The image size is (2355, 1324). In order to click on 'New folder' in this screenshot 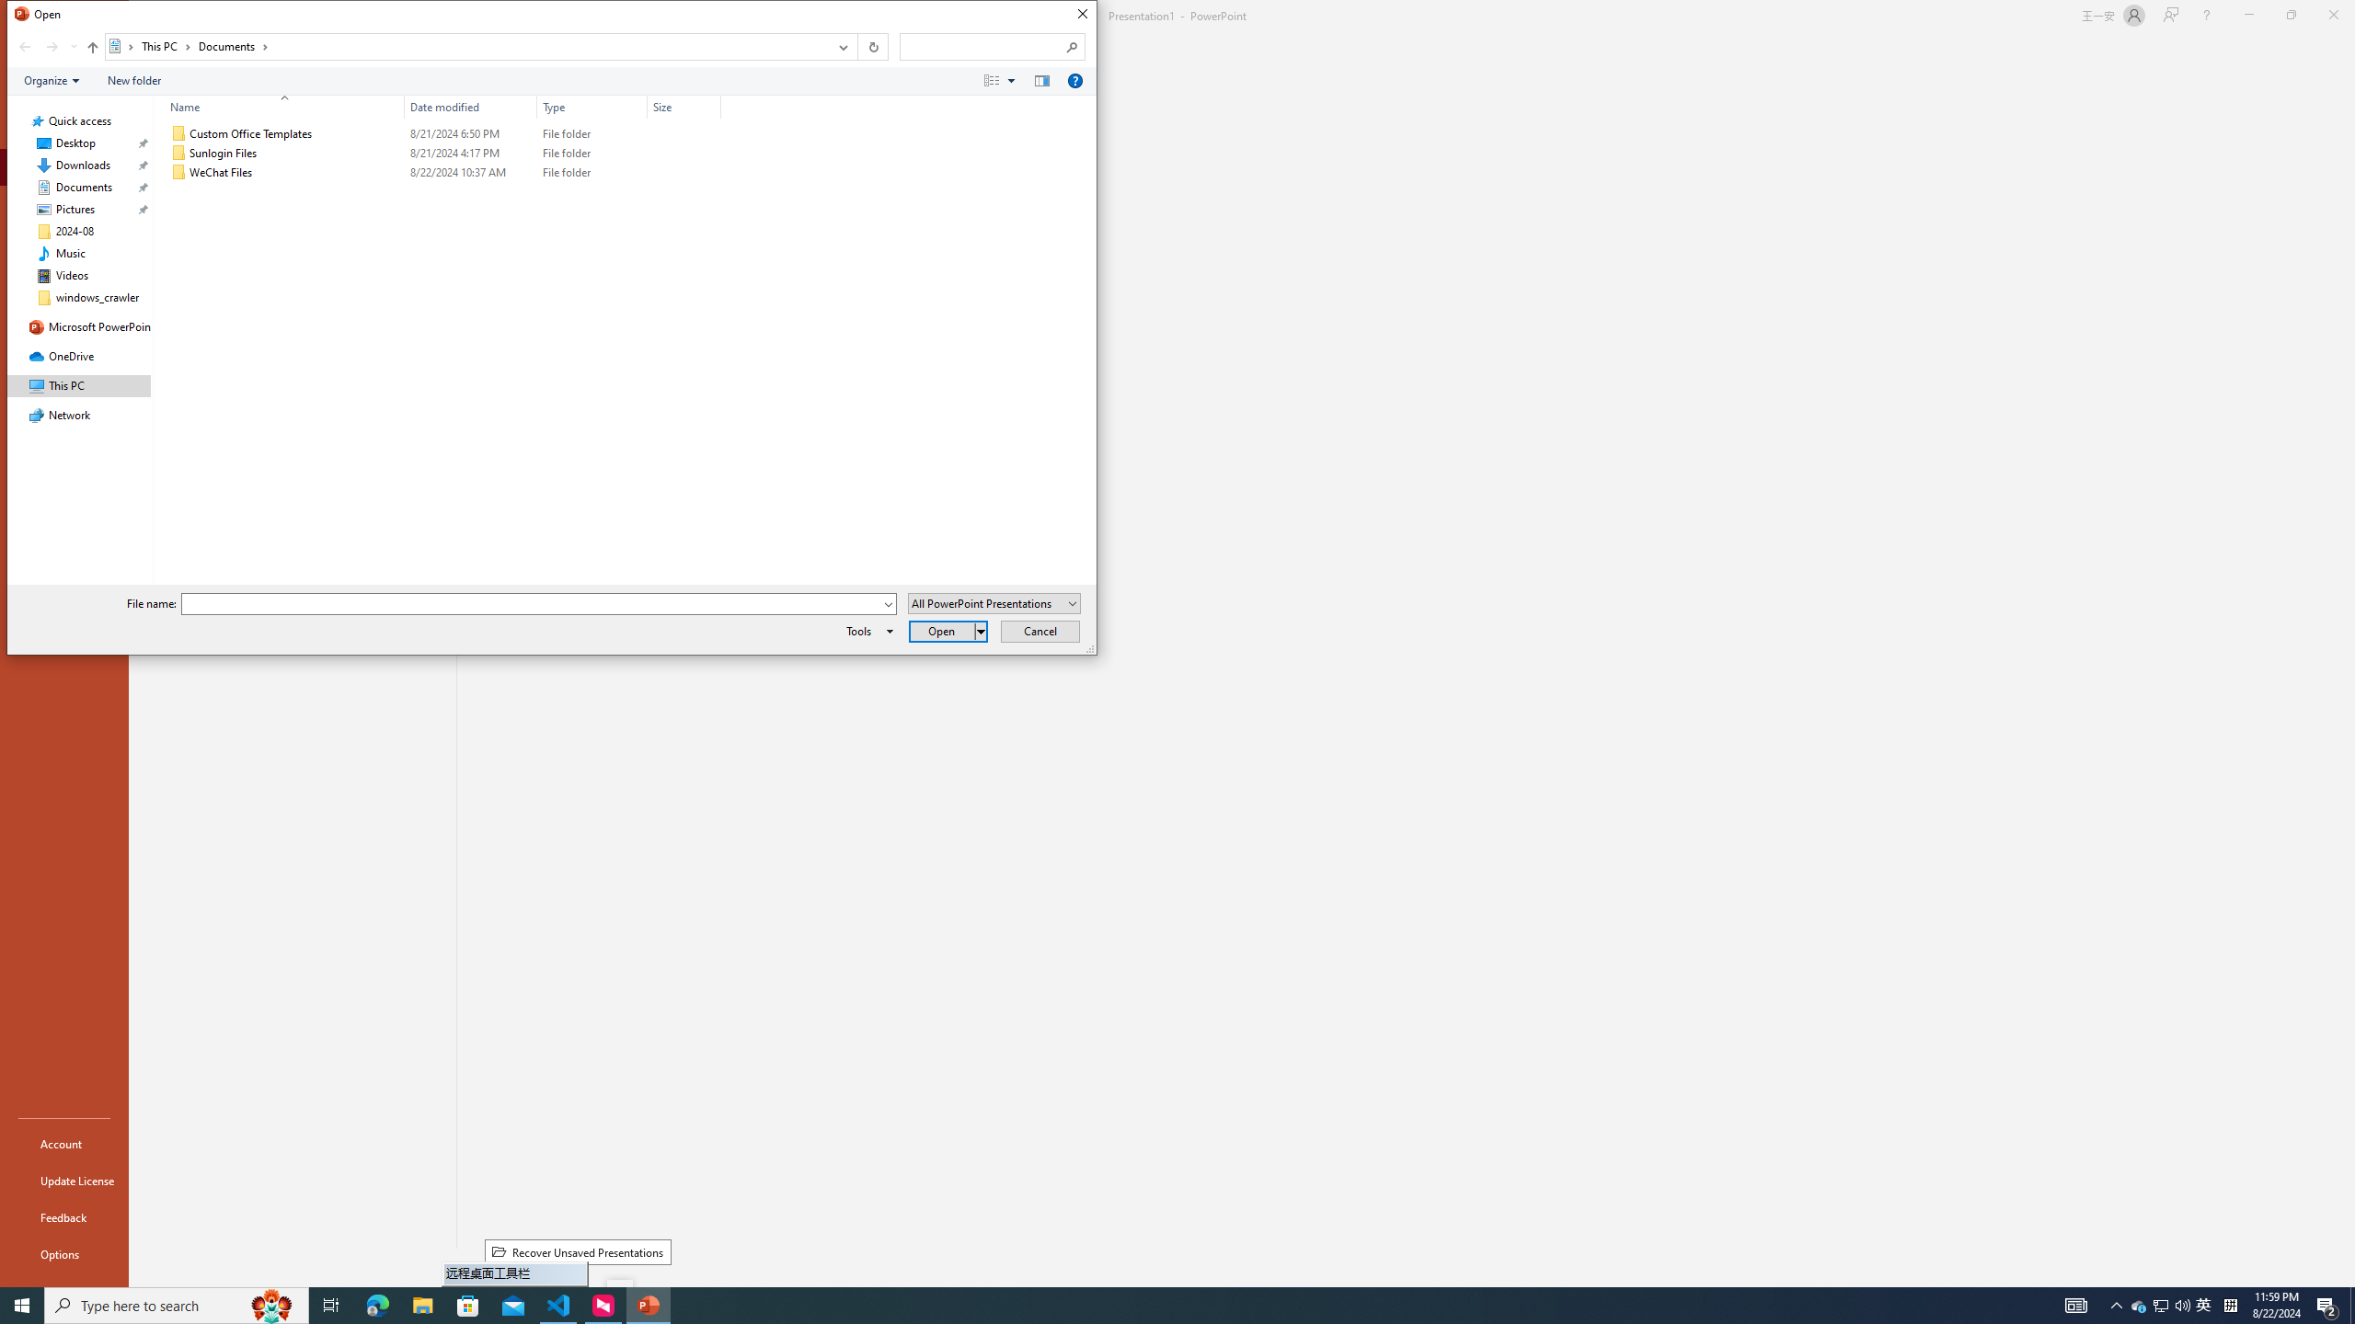, I will do `click(132, 80)`.